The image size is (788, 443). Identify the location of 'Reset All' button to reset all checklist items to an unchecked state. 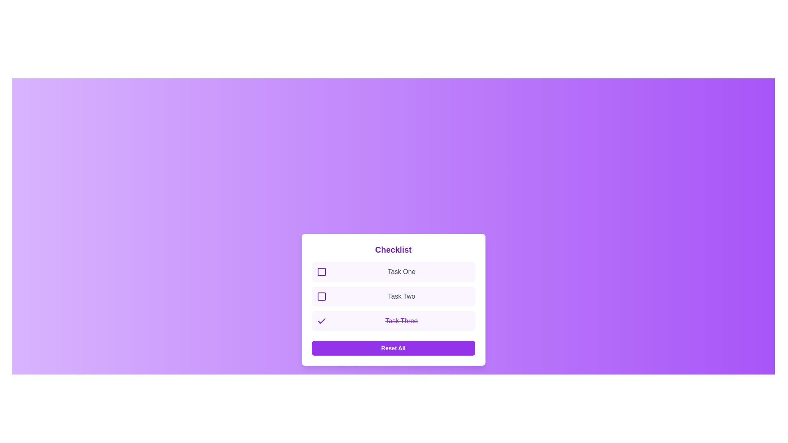
(393, 348).